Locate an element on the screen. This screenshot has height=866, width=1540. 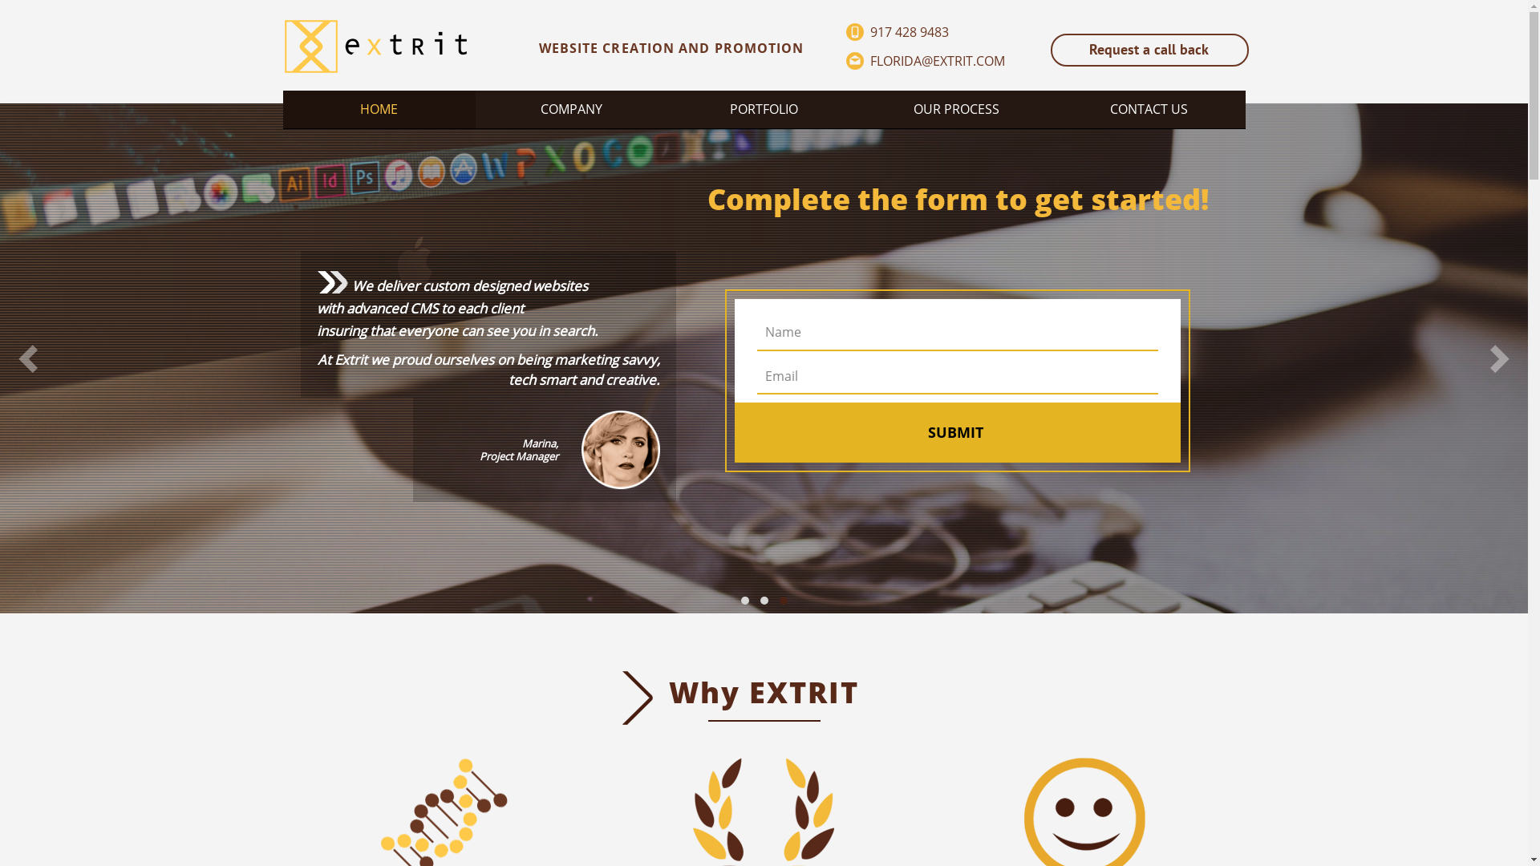
'HOME' is located at coordinates (377, 108).